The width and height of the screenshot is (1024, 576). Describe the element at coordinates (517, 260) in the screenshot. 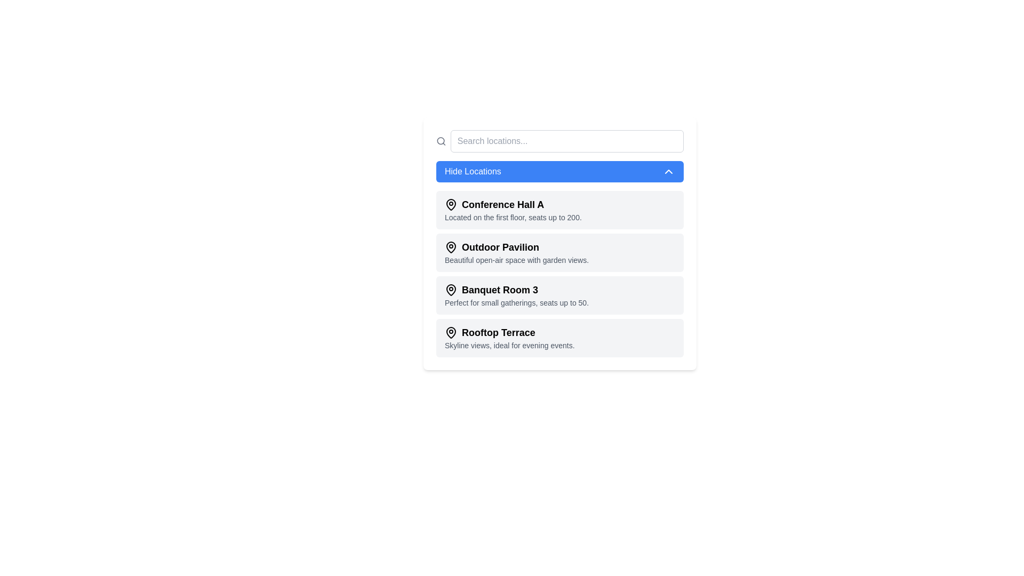

I see `descriptive text label located below the 'Outdoor Pavilion' title in the vertical list of location descriptions to gather information about its features` at that location.